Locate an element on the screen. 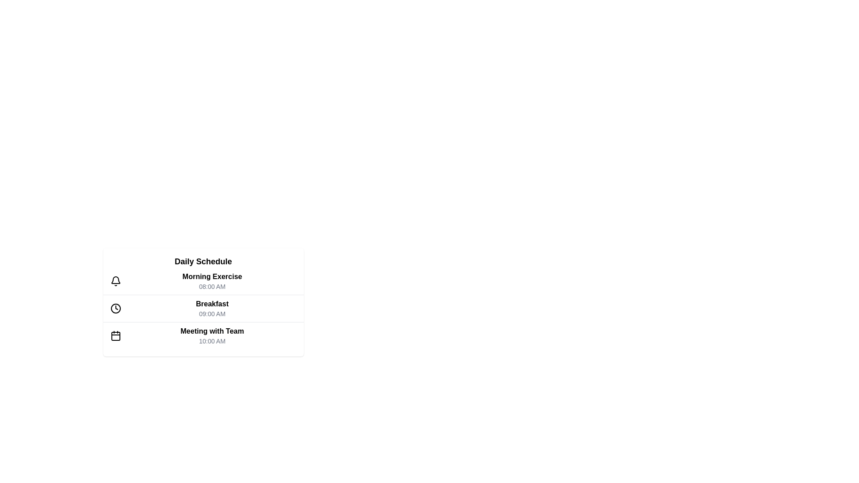 This screenshot has width=859, height=483. the second informational list item in the 'Daily Schedule' section that displays 'Breakfast' at '09:00 AM' is located at coordinates (203, 302).